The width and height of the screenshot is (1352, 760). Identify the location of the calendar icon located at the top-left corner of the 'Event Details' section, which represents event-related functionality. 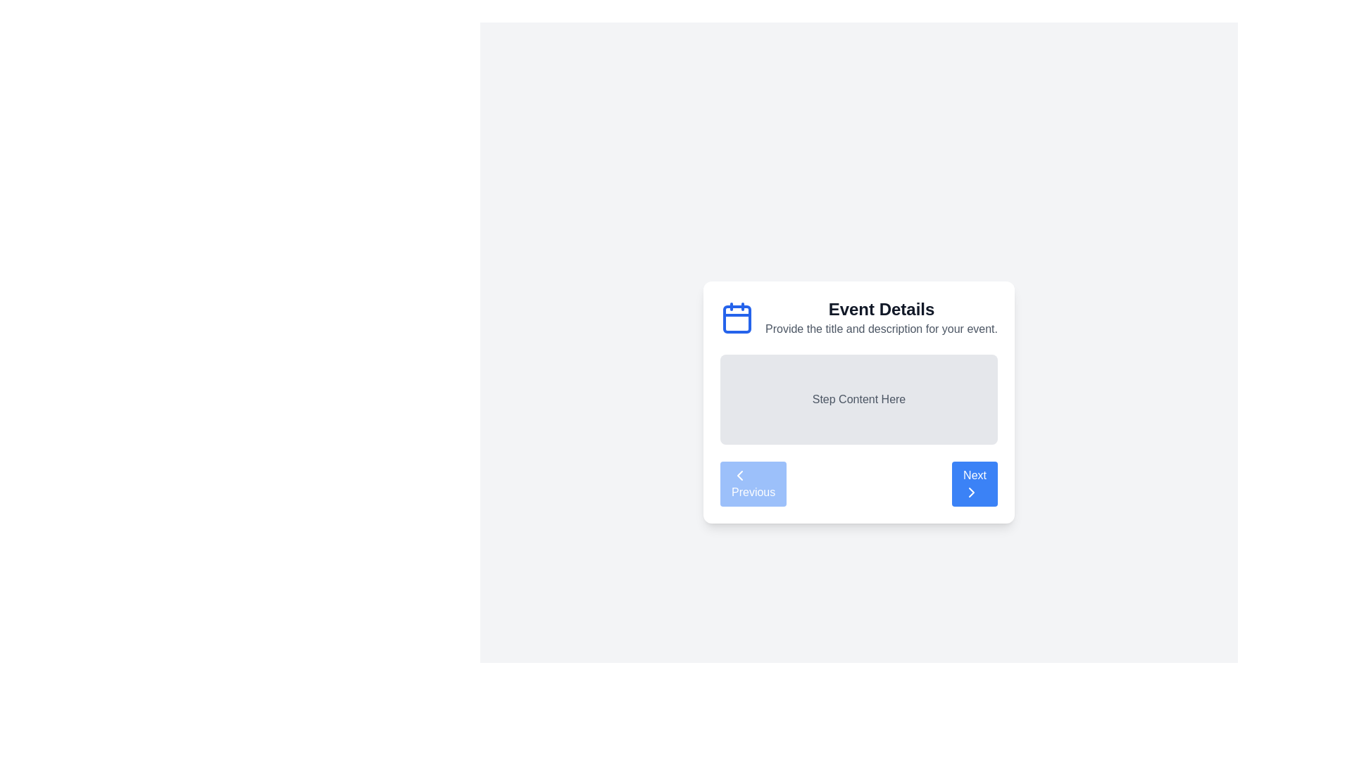
(736, 317).